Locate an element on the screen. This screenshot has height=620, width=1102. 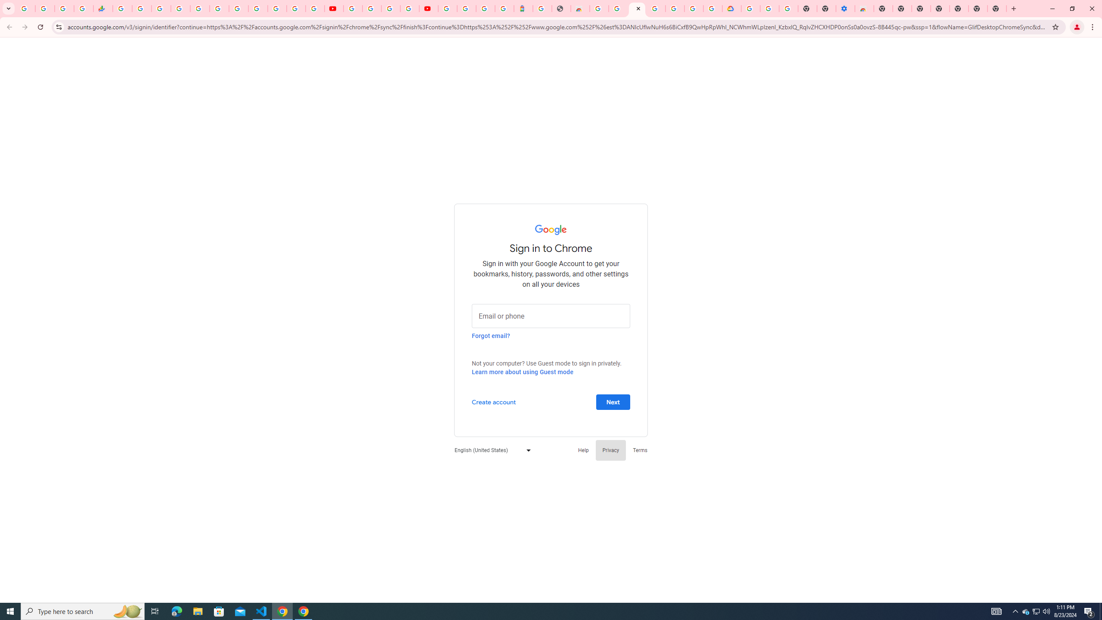
'Content Creator Programs & Opportunities - YouTube Creators' is located at coordinates (428, 8).